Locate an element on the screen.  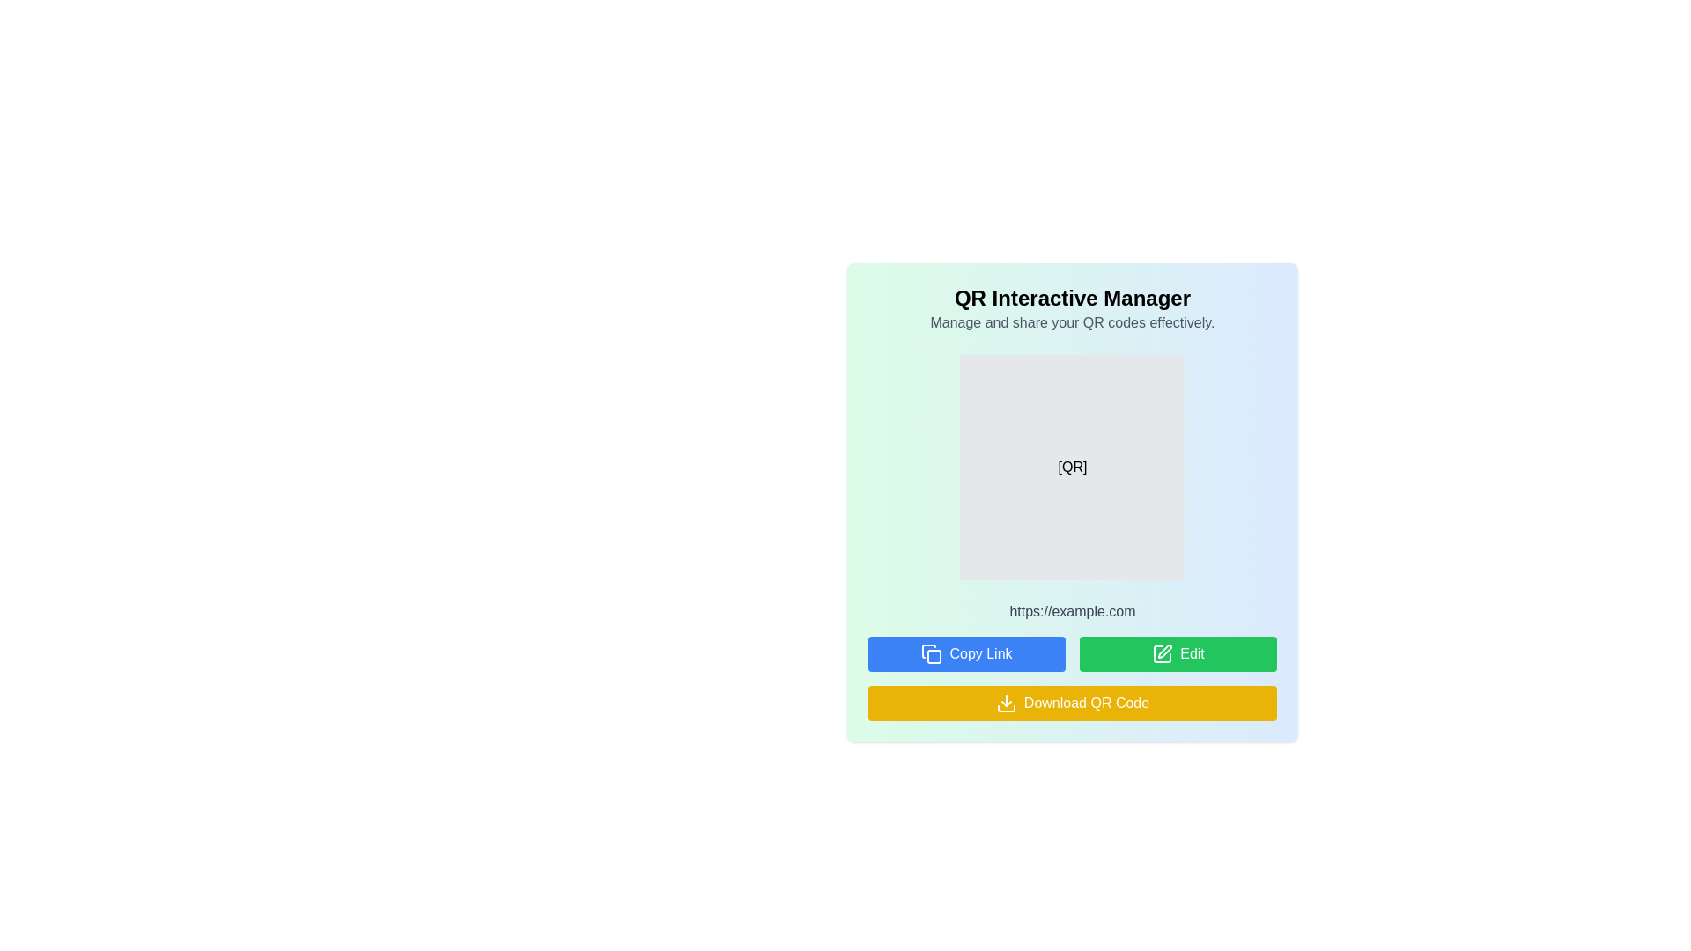
the blue square element with slightly rounded corners that serves as a background for the copy link icon, positioned centrally within the icon is located at coordinates (934, 656).